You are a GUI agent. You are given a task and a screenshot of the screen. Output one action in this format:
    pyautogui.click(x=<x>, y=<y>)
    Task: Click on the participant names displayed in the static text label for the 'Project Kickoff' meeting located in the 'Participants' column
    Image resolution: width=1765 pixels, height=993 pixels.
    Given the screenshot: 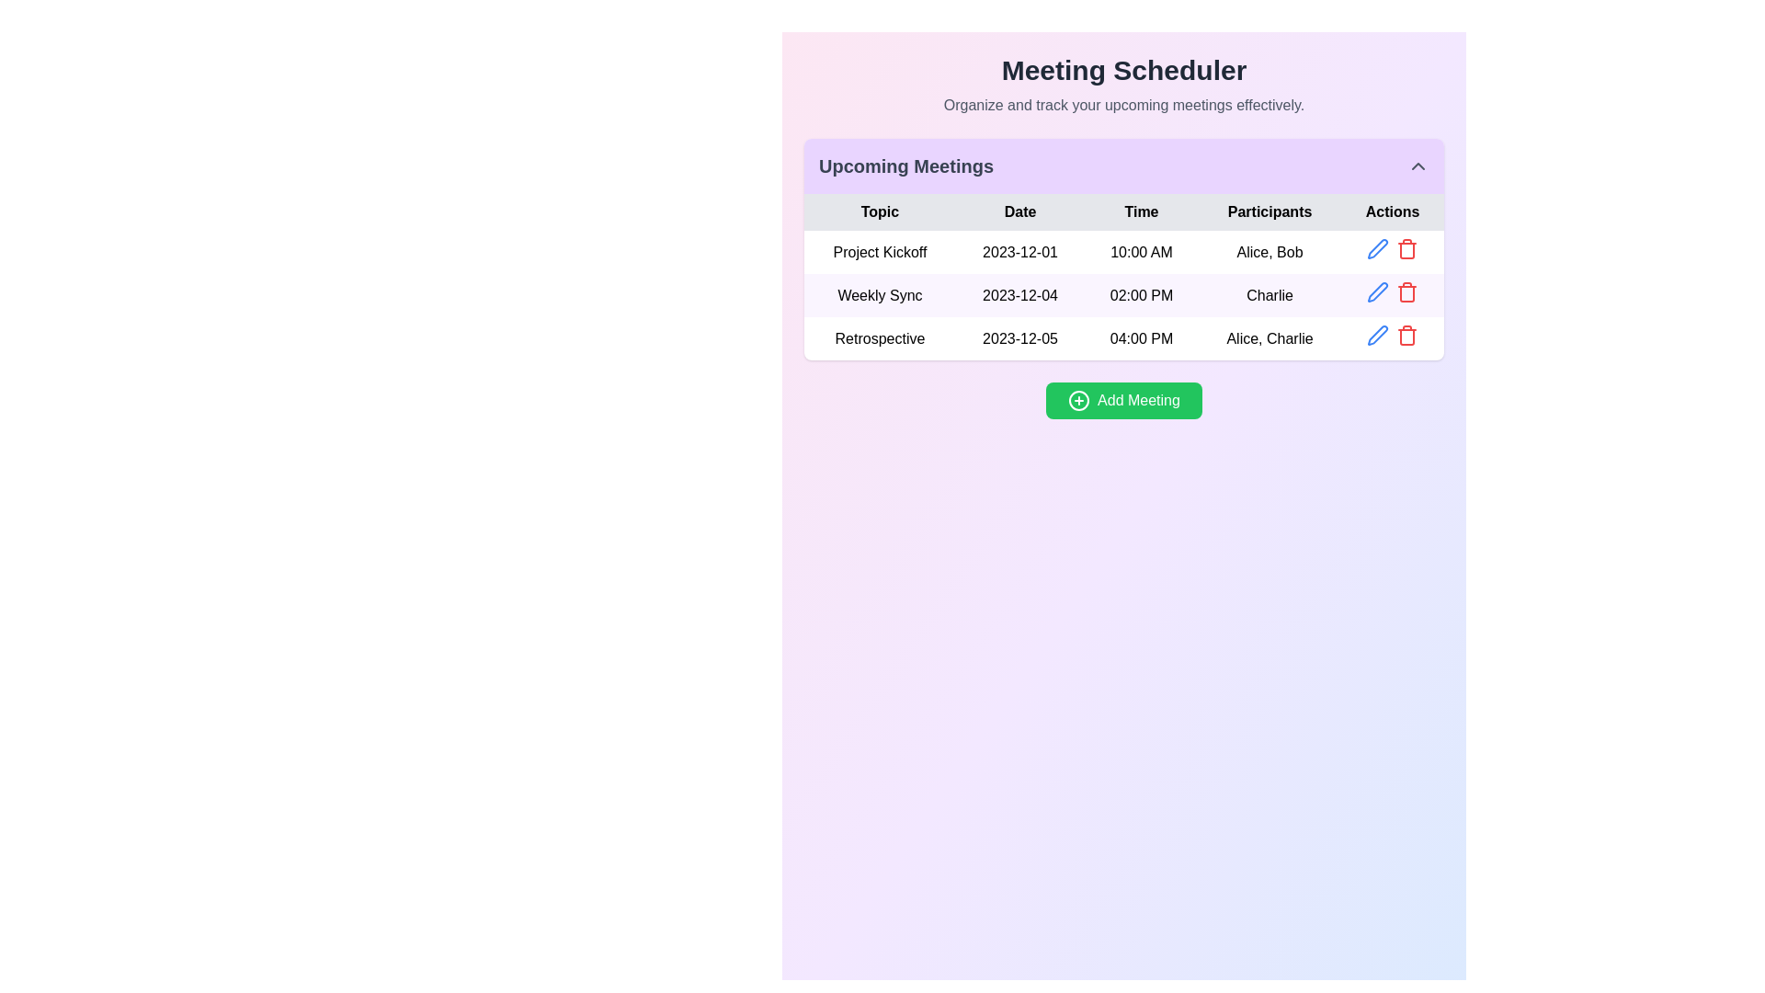 What is the action you would take?
    pyautogui.click(x=1269, y=252)
    